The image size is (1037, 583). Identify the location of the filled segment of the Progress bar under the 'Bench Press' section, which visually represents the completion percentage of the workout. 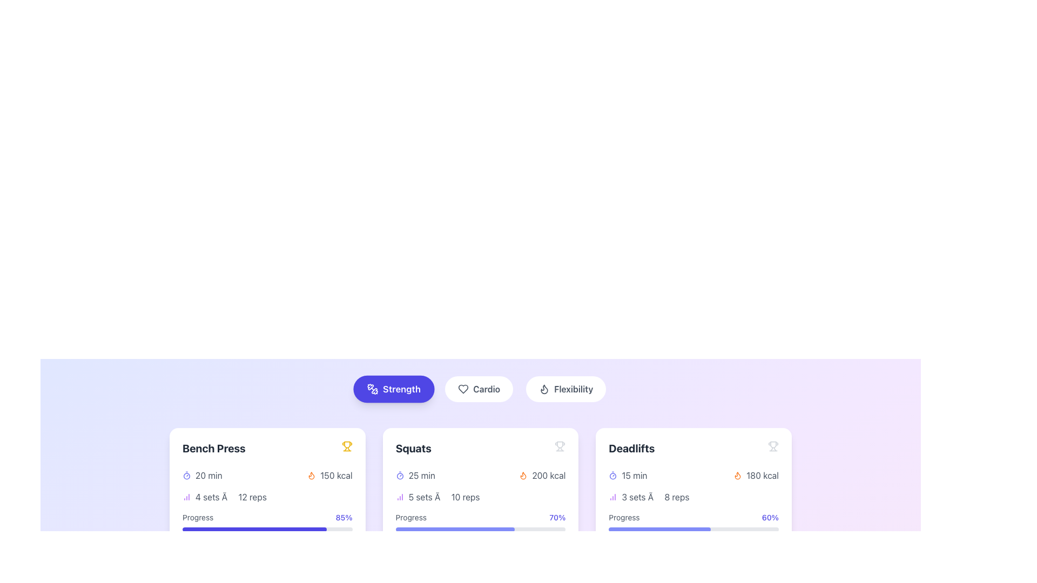
(254, 528).